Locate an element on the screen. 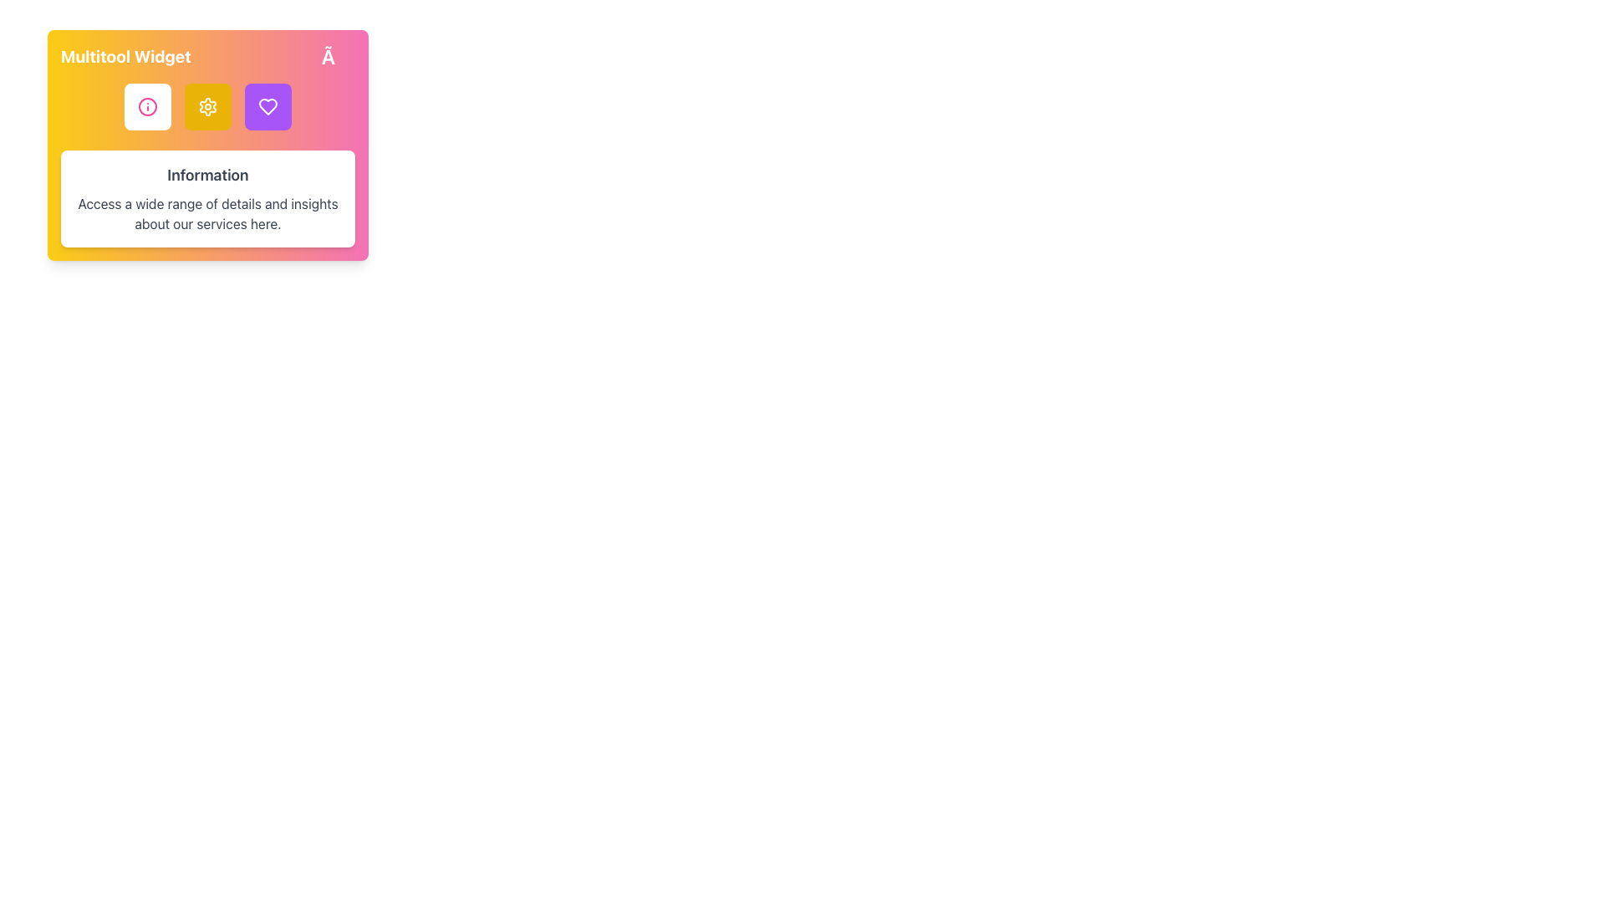 This screenshot has width=1605, height=903. the settings button located between the pink information button and the purple heart button is located at coordinates (207, 106).